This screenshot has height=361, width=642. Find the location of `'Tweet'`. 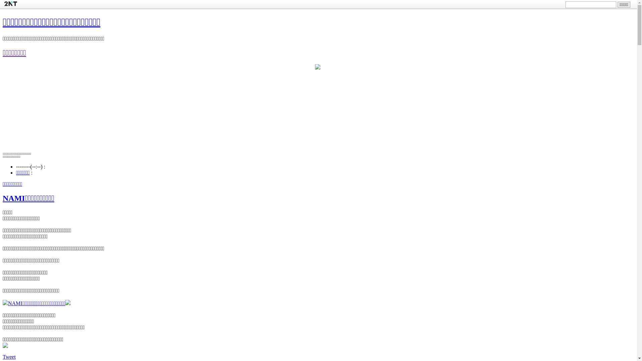

'Tweet' is located at coordinates (9, 356).